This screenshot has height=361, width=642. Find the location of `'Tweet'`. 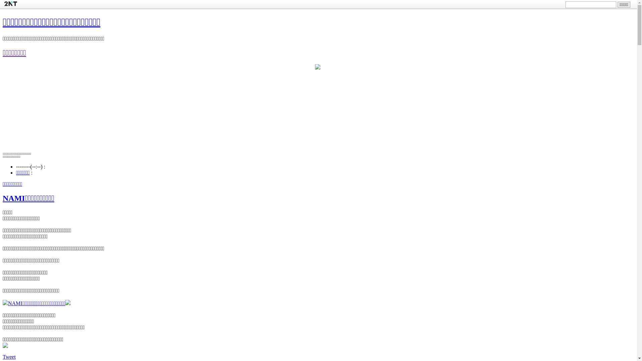

'Tweet' is located at coordinates (9, 356).